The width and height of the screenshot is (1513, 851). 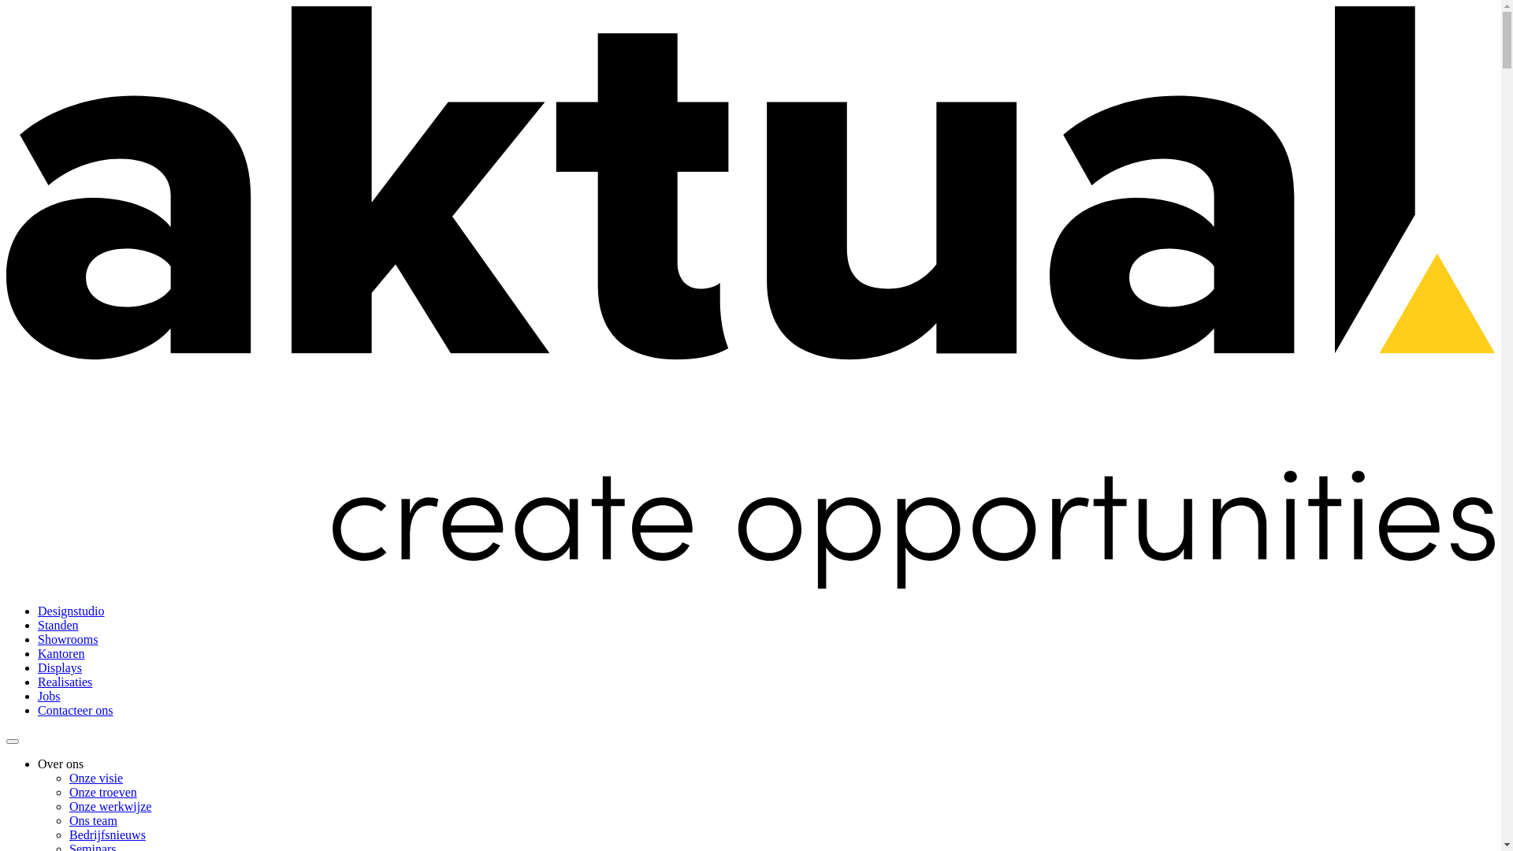 What do you see at coordinates (64, 681) in the screenshot?
I see `'Realisaties'` at bounding box center [64, 681].